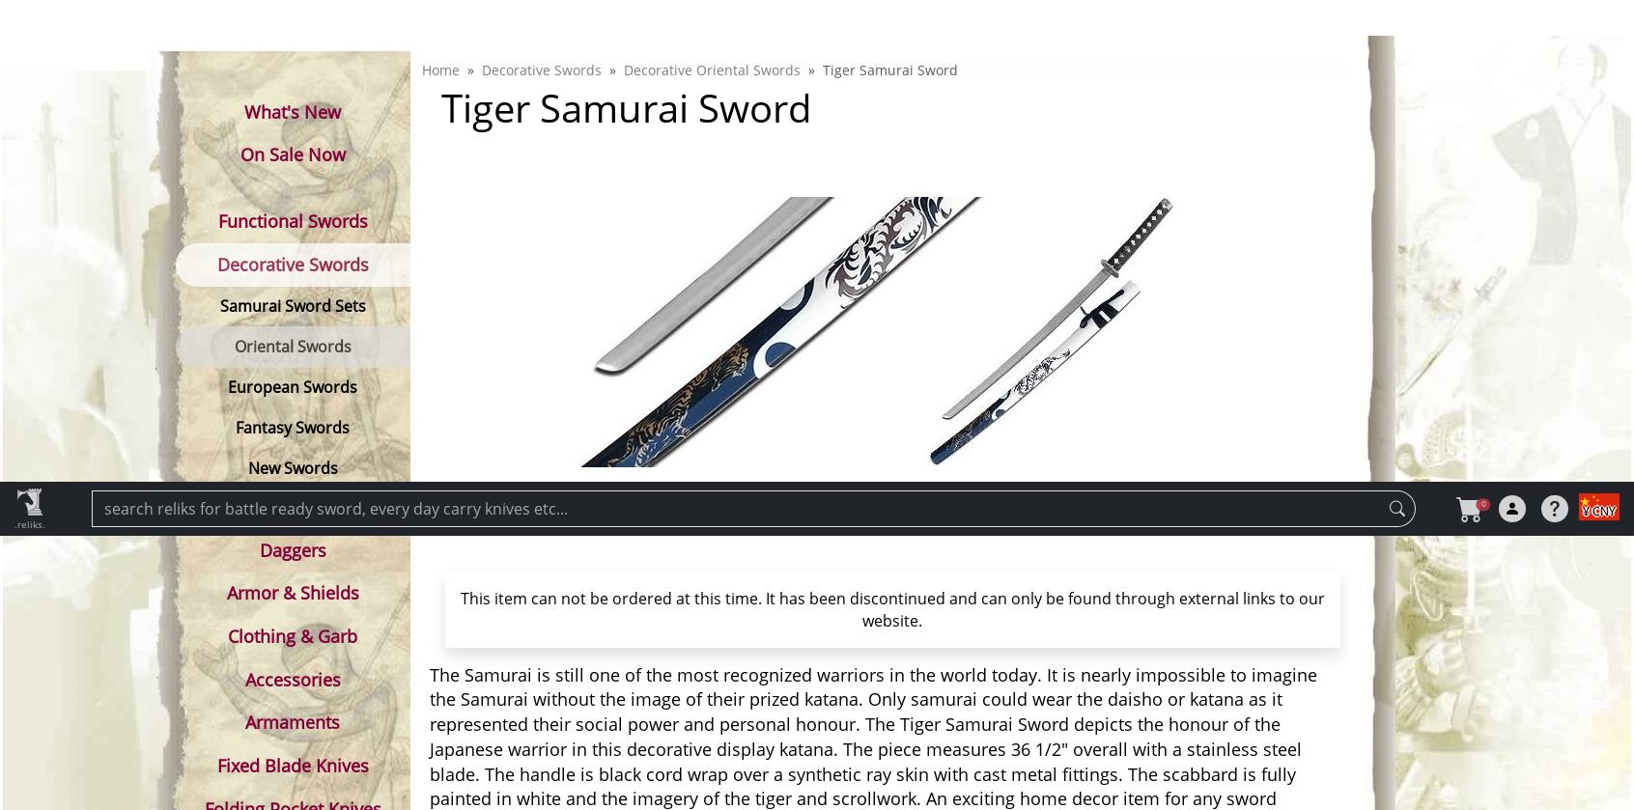 The width and height of the screenshot is (1634, 810). Describe the element at coordinates (484, 744) in the screenshot. I see `'Blade Length'` at that location.